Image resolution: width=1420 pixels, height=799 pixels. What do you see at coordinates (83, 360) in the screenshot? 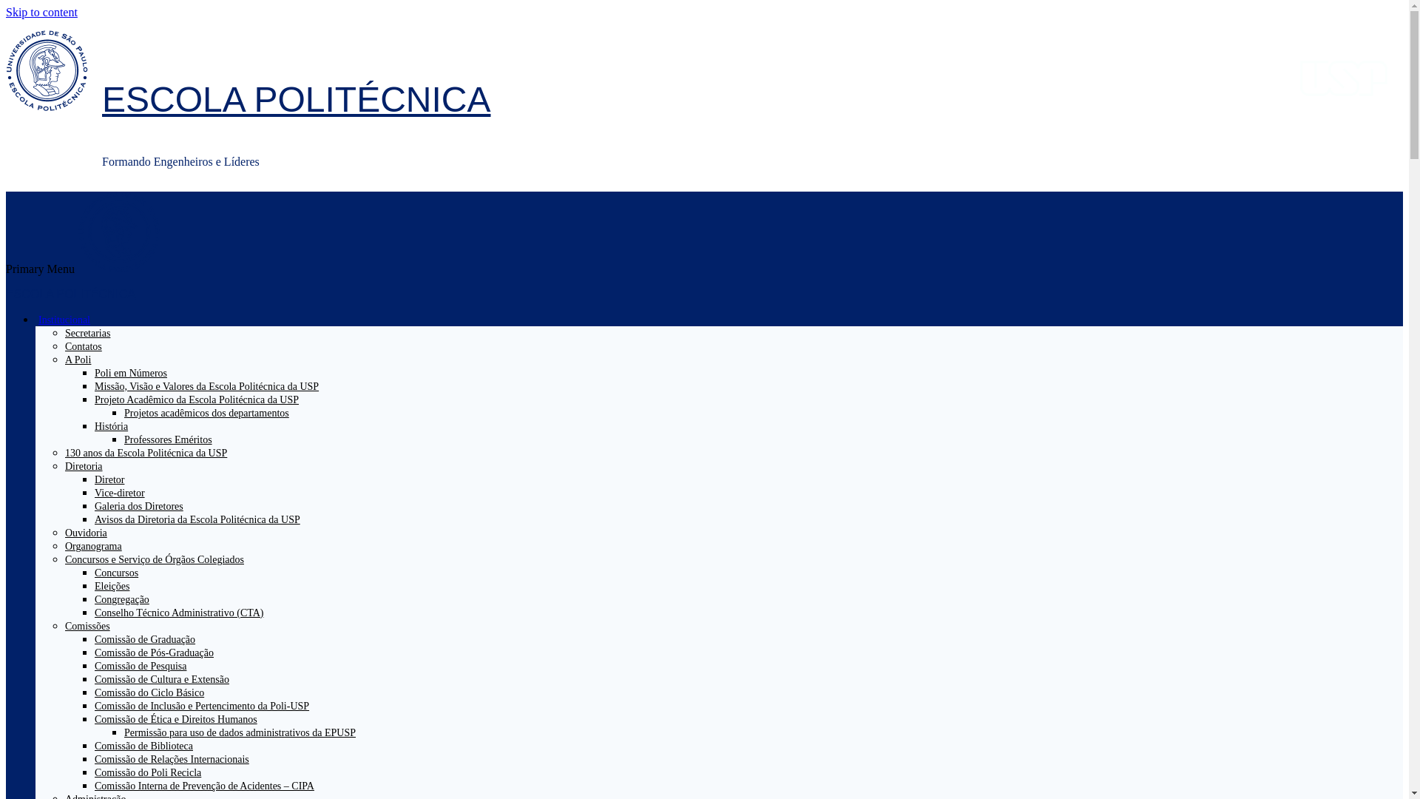
I see `'A Poli'` at bounding box center [83, 360].